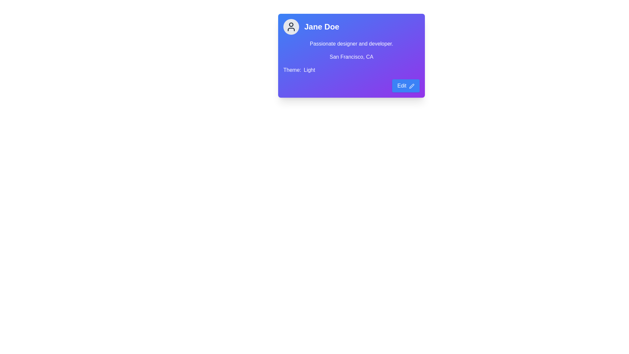 Image resolution: width=629 pixels, height=354 pixels. I want to click on the circular user profile icon featuring a minimalistic head and shoulders outline, located in the upper left corner of the profile card above the name 'Jane Doe', so click(291, 26).